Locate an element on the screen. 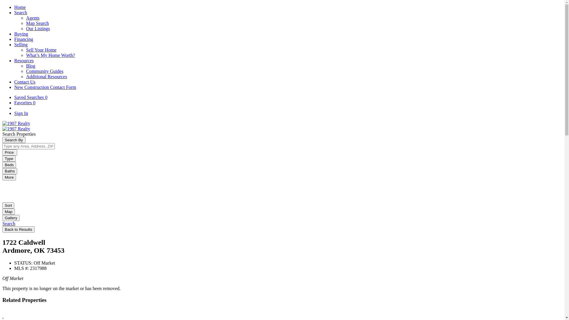  'Search By' is located at coordinates (14, 140).